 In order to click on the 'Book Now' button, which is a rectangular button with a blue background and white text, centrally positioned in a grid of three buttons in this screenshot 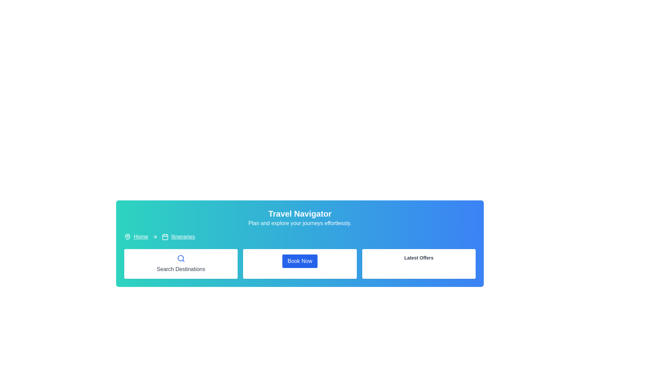, I will do `click(300, 263)`.